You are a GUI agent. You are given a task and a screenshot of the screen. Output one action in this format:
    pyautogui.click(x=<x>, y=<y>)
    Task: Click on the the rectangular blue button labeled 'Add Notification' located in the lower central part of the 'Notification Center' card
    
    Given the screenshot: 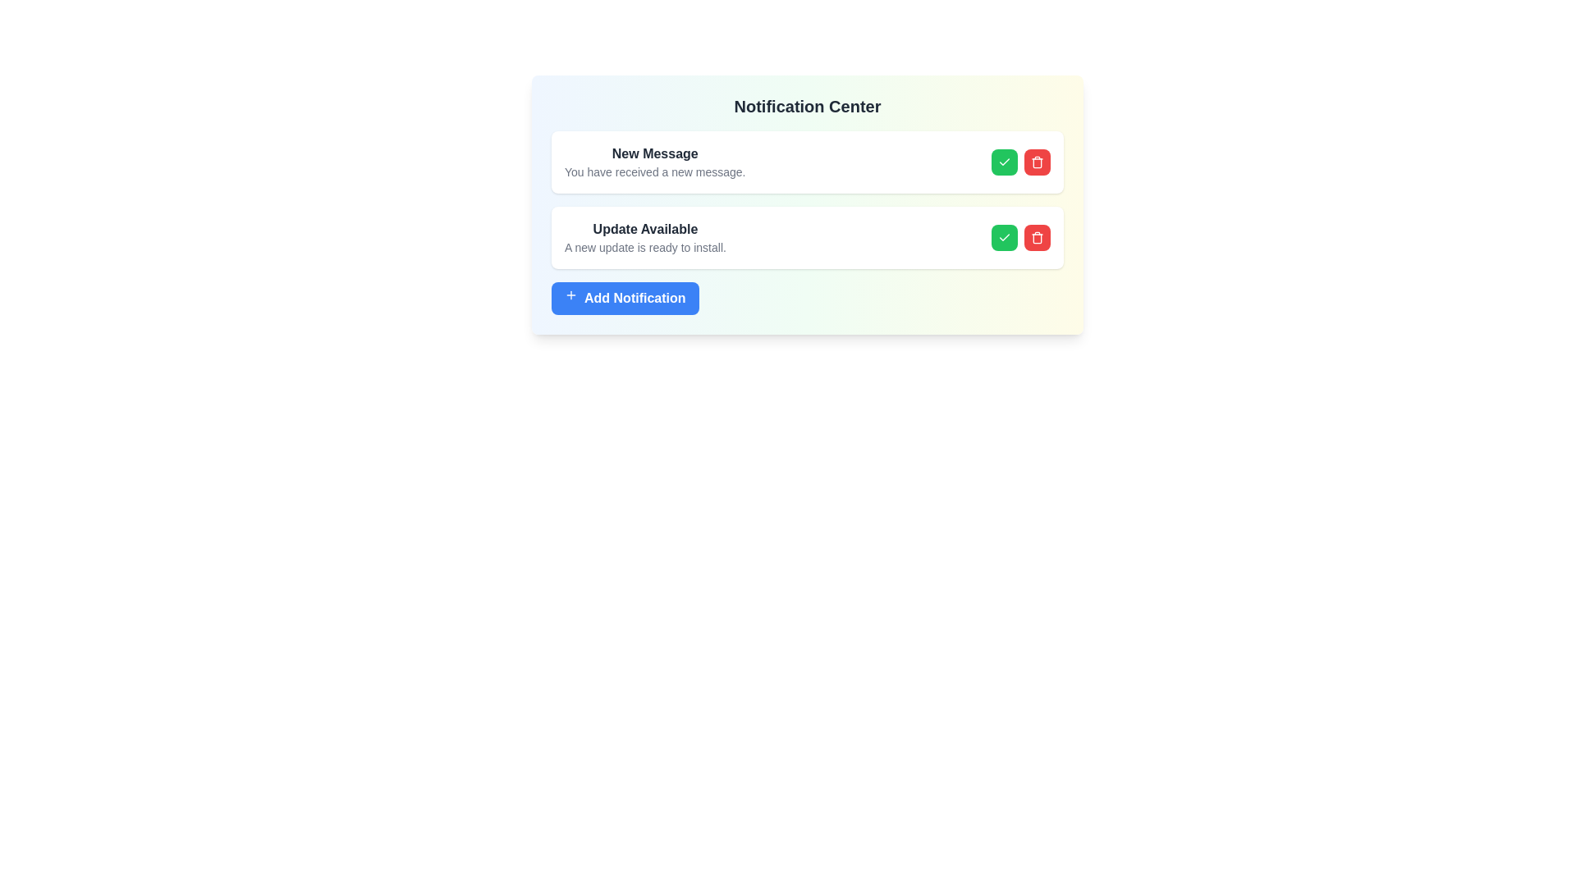 What is the action you would take?
    pyautogui.click(x=624, y=298)
    